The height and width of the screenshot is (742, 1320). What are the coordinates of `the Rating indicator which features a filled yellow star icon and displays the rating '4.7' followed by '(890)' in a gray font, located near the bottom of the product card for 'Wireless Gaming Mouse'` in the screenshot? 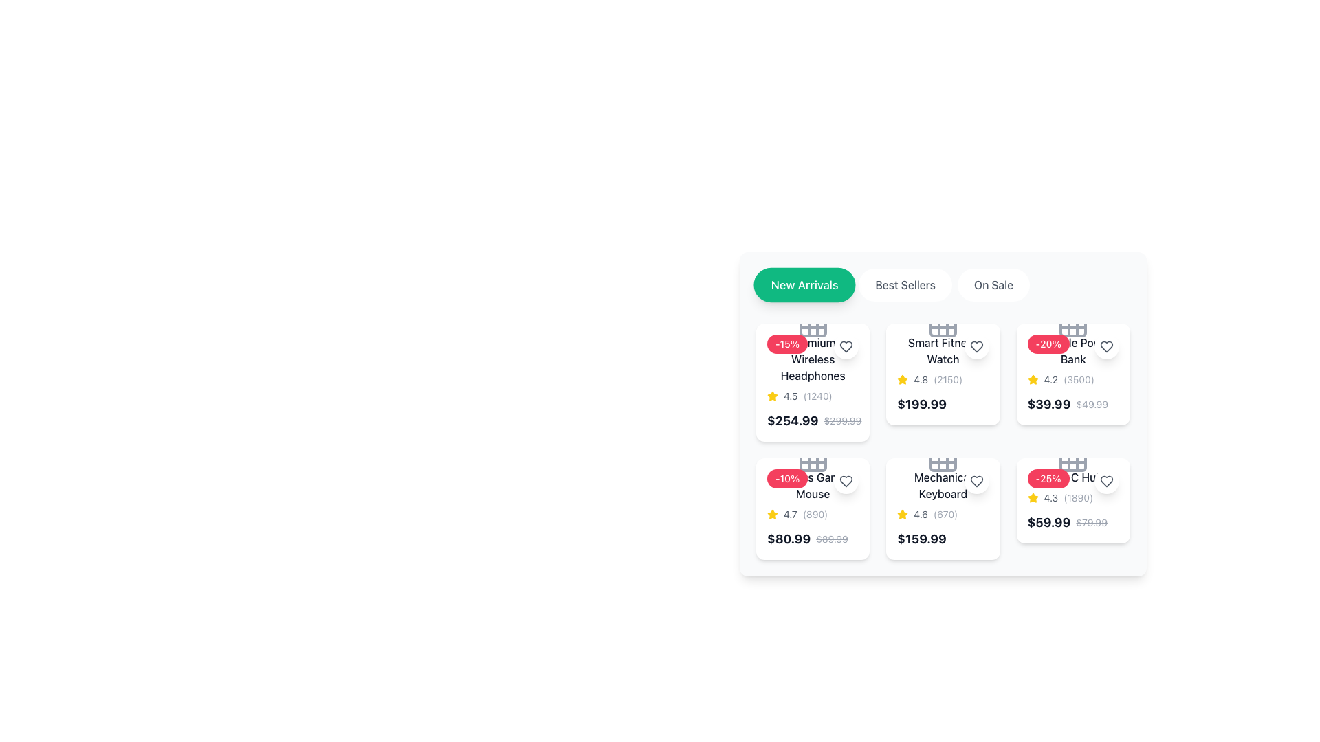 It's located at (813, 514).